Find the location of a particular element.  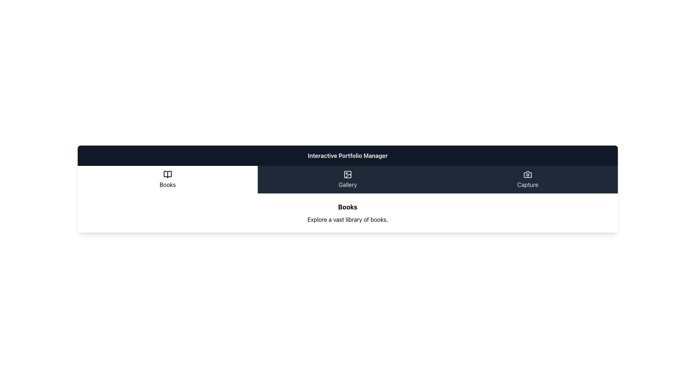

the 'Gallery' label, which is centrally located beneath an image icon and surrounded by similar components is located at coordinates (347, 184).